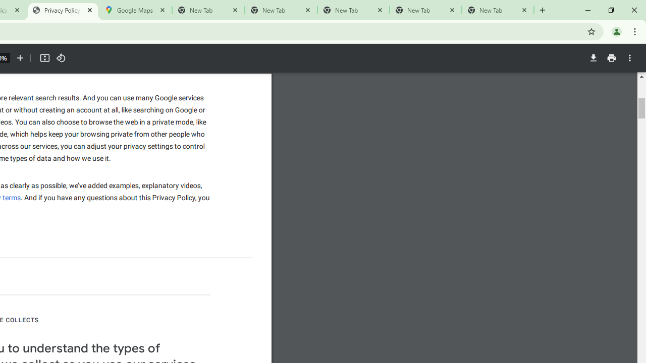 This screenshot has height=363, width=646. I want to click on 'Rotate counterclockwise', so click(60, 58).